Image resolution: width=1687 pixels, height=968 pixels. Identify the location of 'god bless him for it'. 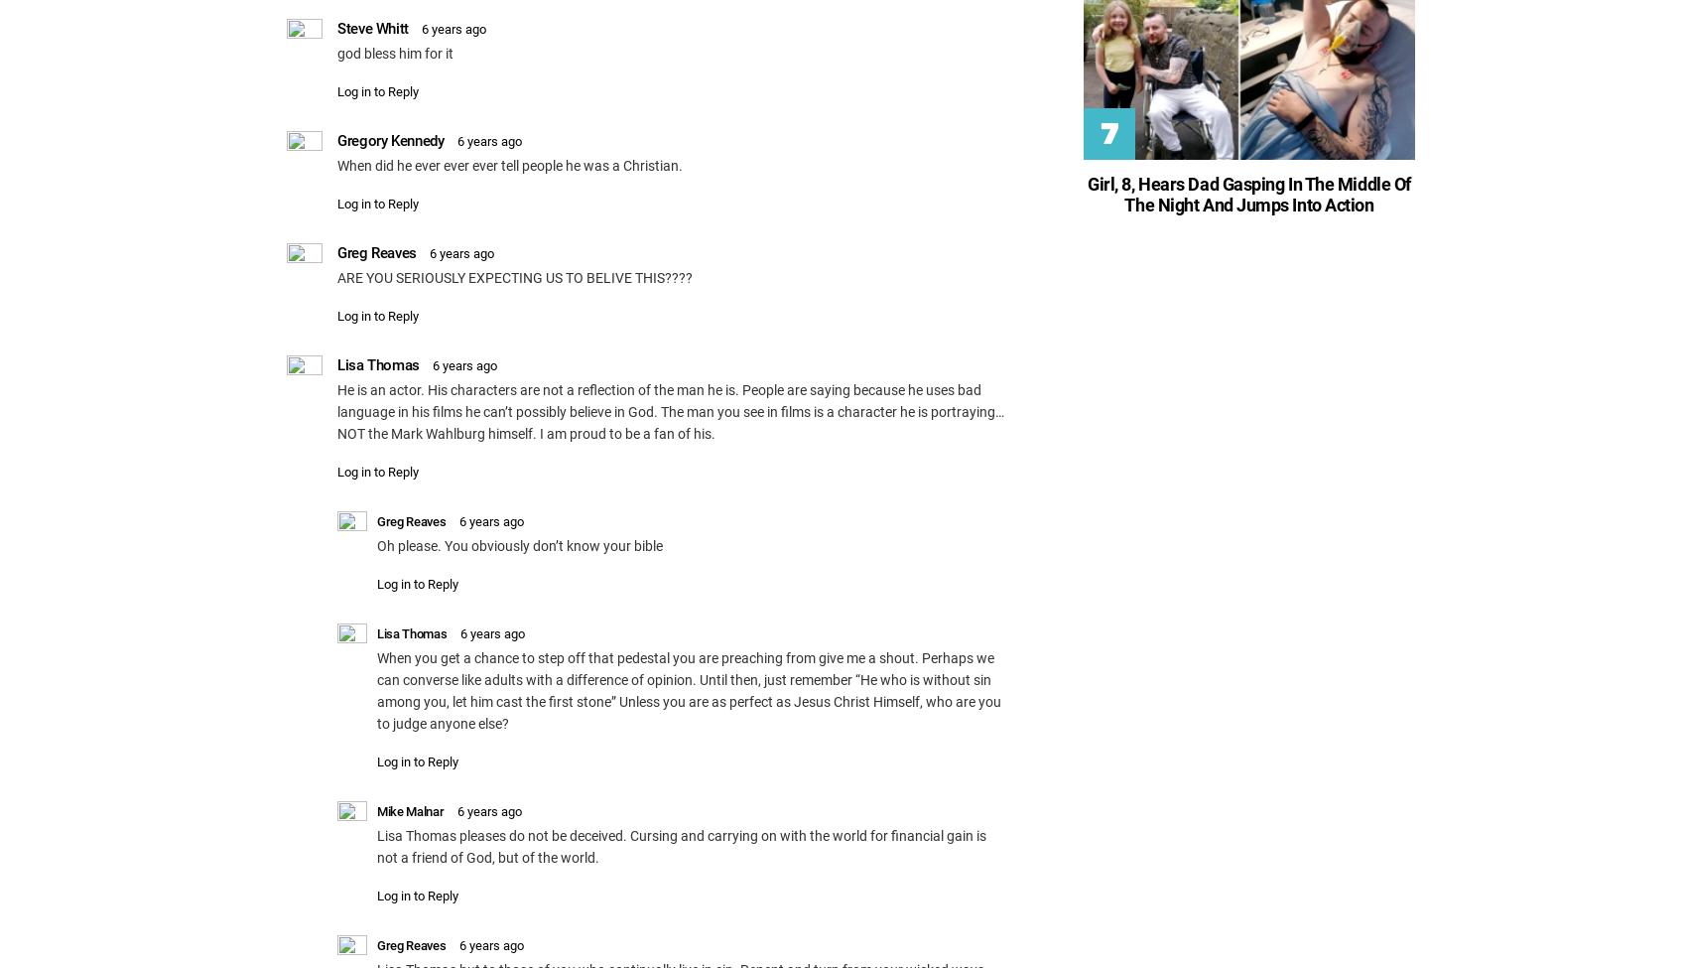
(394, 53).